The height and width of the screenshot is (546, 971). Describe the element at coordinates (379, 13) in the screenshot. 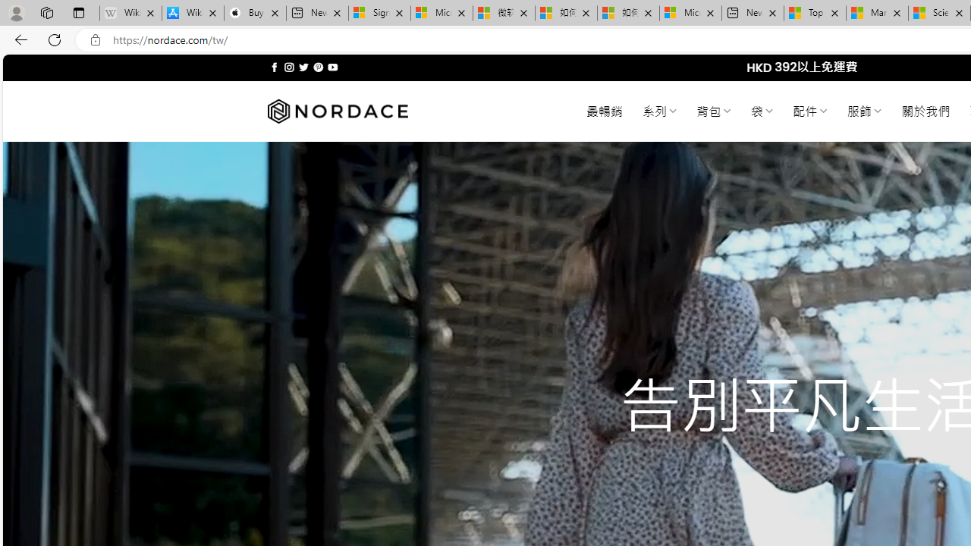

I see `'Sign in to your Microsoft account'` at that location.